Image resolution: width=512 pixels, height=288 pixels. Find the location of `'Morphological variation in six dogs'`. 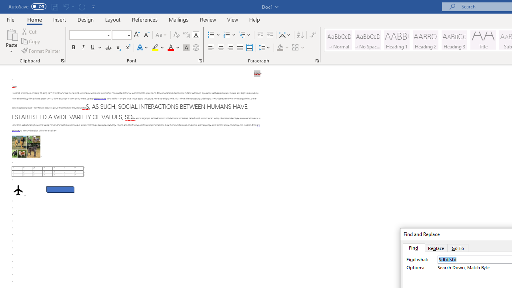

'Morphological variation in six dogs' is located at coordinates (26, 146).